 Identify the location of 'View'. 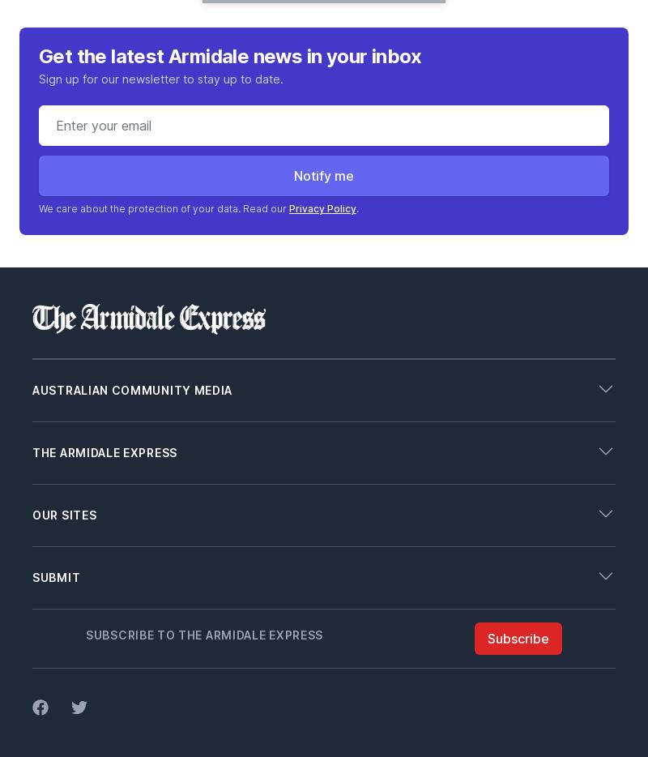
(45, 539).